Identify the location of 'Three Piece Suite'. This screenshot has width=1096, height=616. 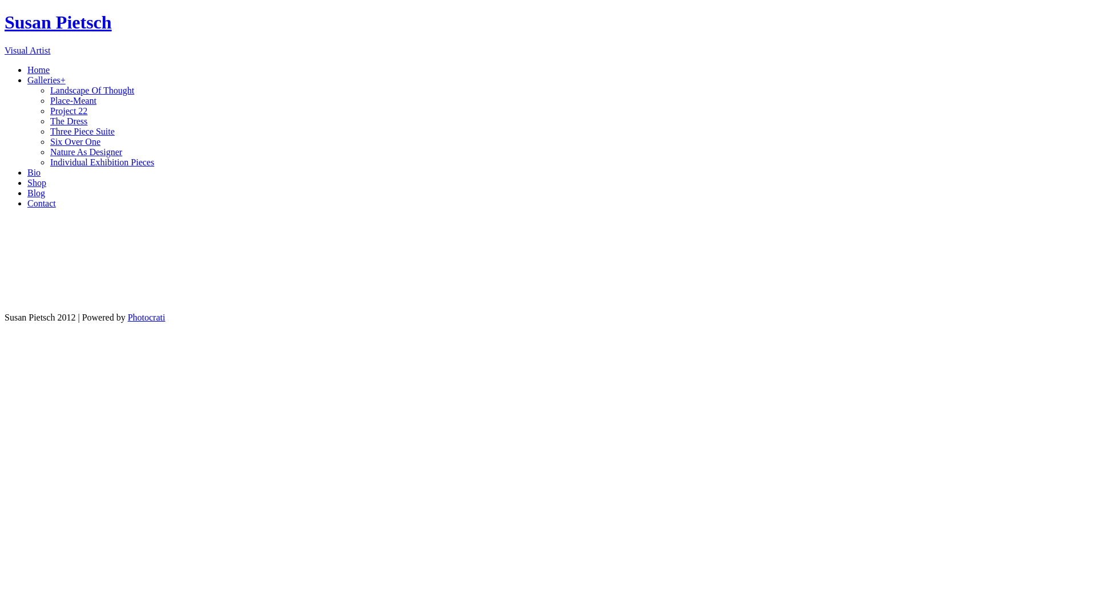
(49, 131).